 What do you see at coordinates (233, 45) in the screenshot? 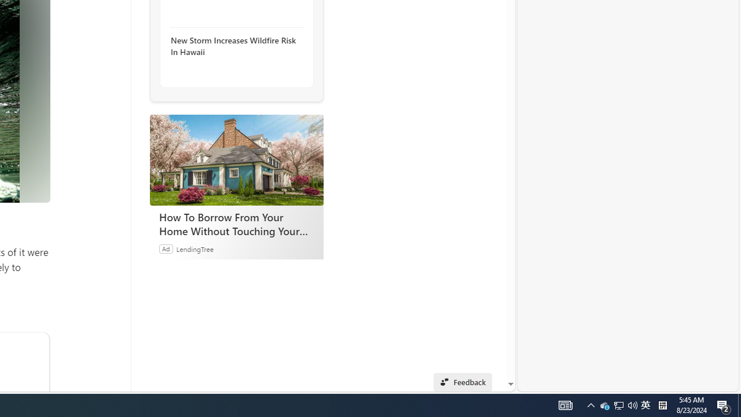
I see `'New Storm Increases Wildfire Risk In Hawaii'` at bounding box center [233, 45].